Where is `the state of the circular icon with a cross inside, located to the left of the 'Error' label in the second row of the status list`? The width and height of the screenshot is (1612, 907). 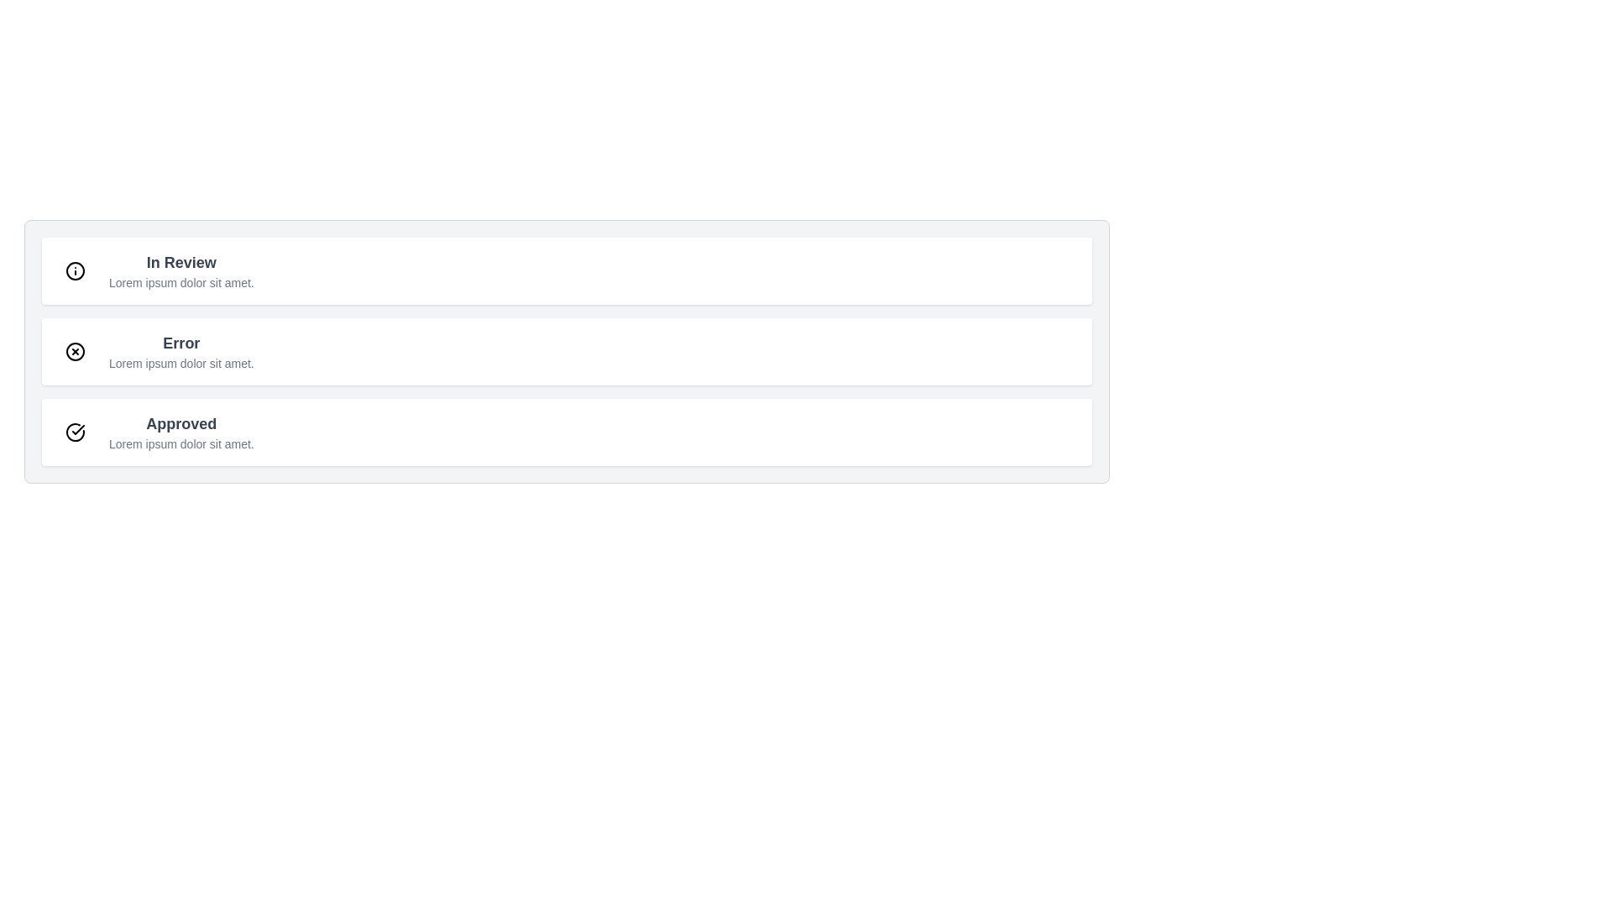 the state of the circular icon with a cross inside, located to the left of the 'Error' label in the second row of the status list is located at coordinates (75, 351).